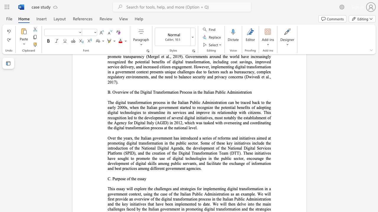  I want to click on the 3th character "s" in the text, so click(203, 138).